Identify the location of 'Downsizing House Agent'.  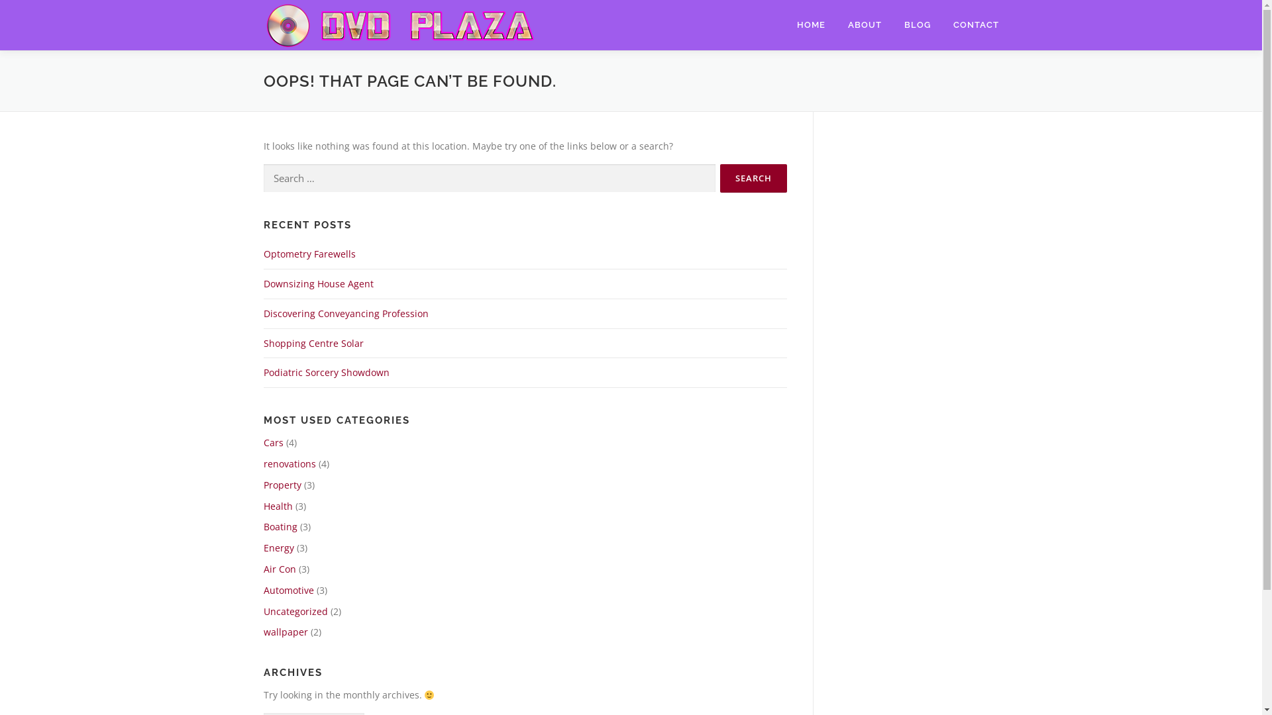
(318, 283).